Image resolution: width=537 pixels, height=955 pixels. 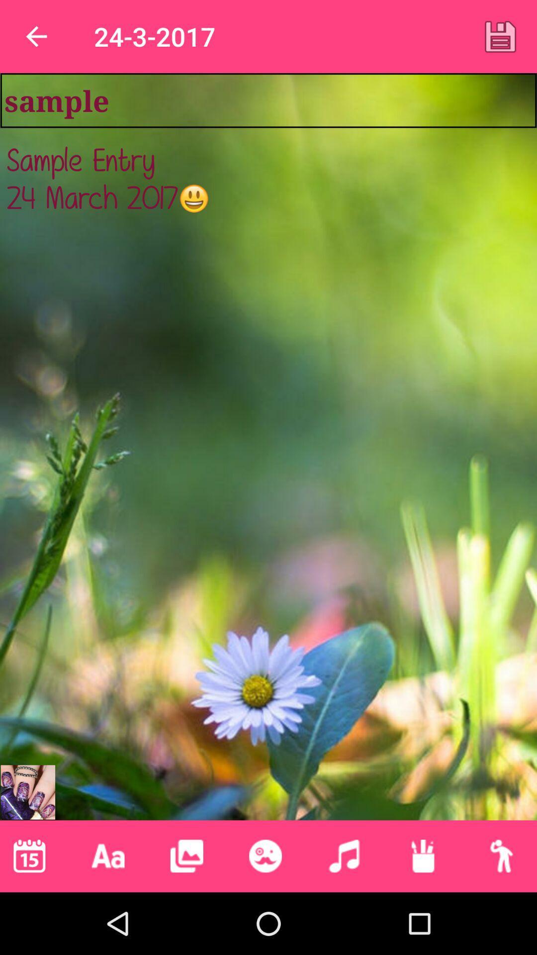 I want to click on click on image, so click(x=186, y=856).